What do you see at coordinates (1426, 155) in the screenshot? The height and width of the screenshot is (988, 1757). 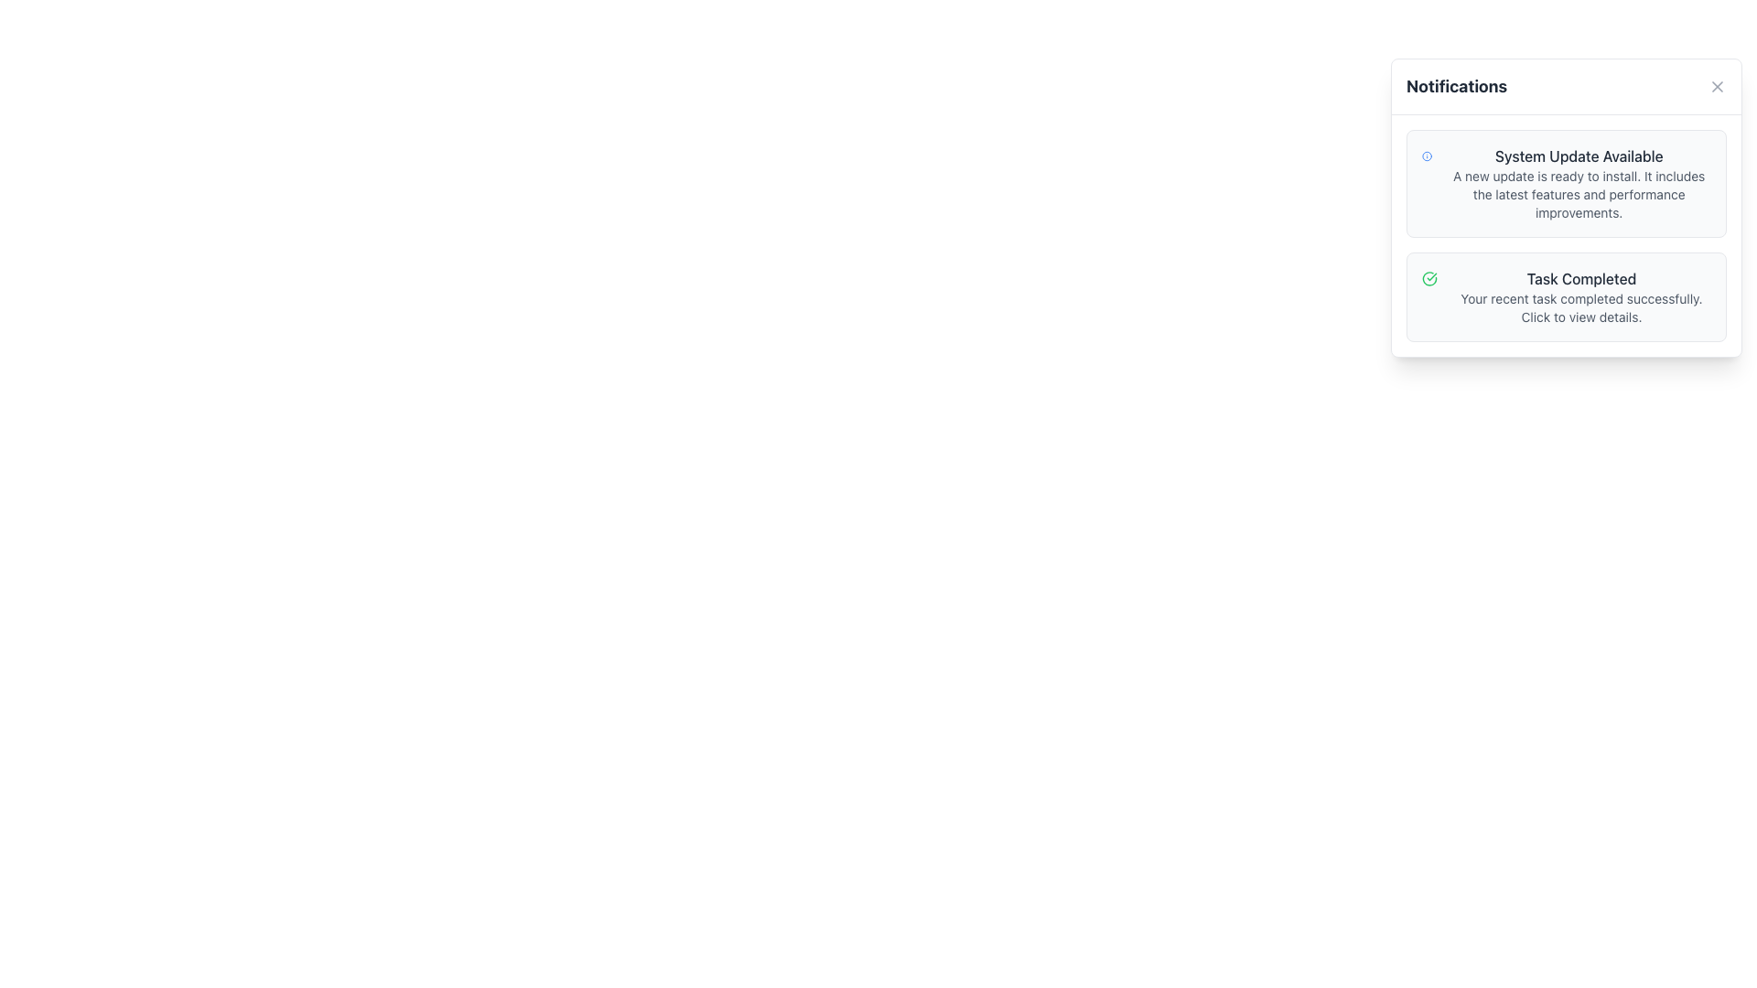 I see `the circular element that serves as part of the information icon located within the notification card in the top-right corner of the interface` at bounding box center [1426, 155].